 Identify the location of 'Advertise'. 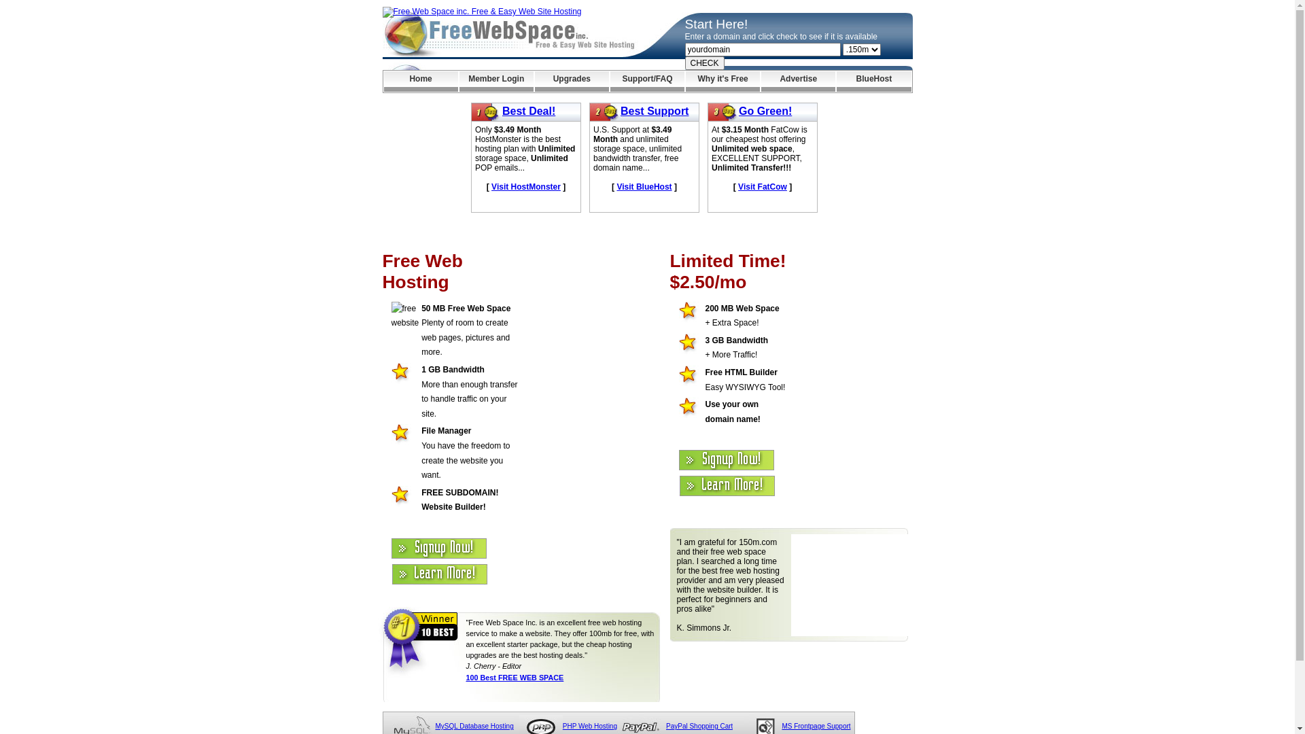
(798, 81).